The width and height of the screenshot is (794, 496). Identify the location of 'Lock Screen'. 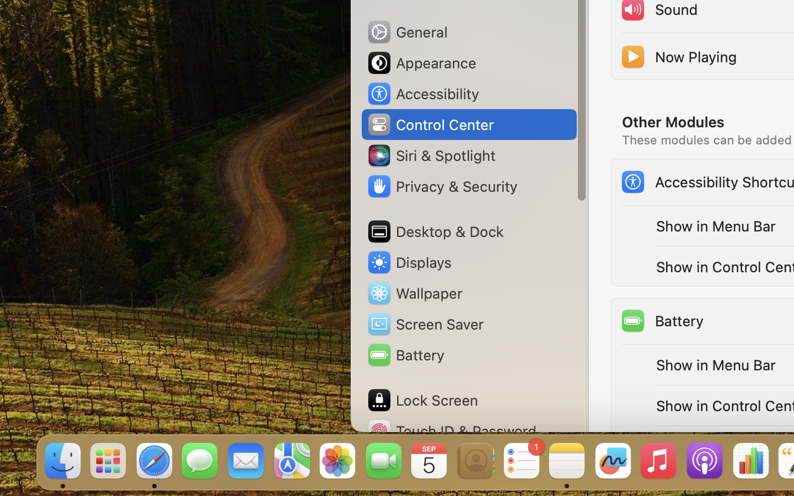
(421, 400).